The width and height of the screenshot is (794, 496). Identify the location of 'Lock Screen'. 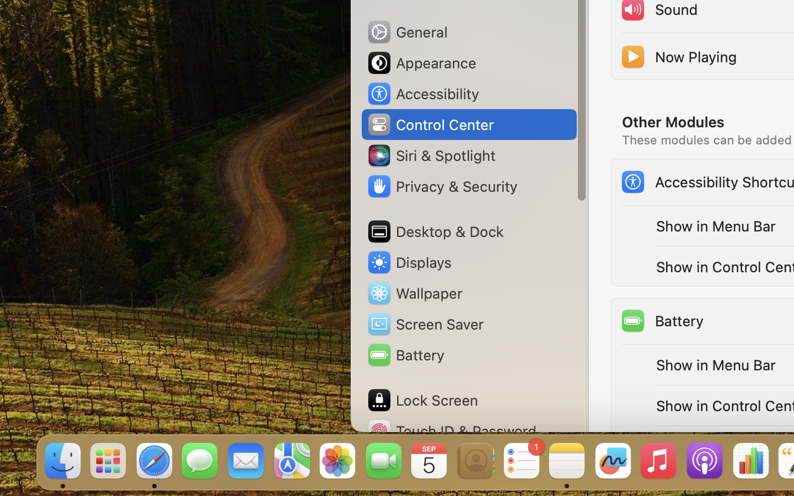
(421, 400).